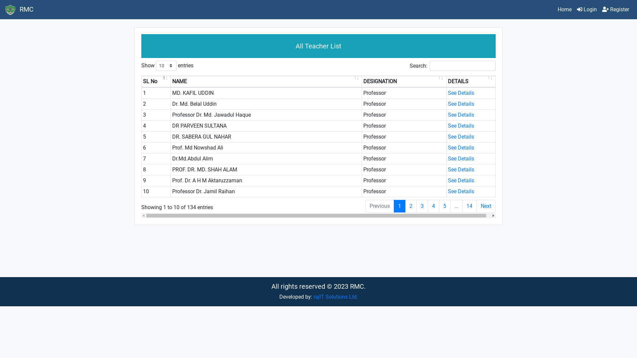  I want to click on 'See Details', so click(460, 126).